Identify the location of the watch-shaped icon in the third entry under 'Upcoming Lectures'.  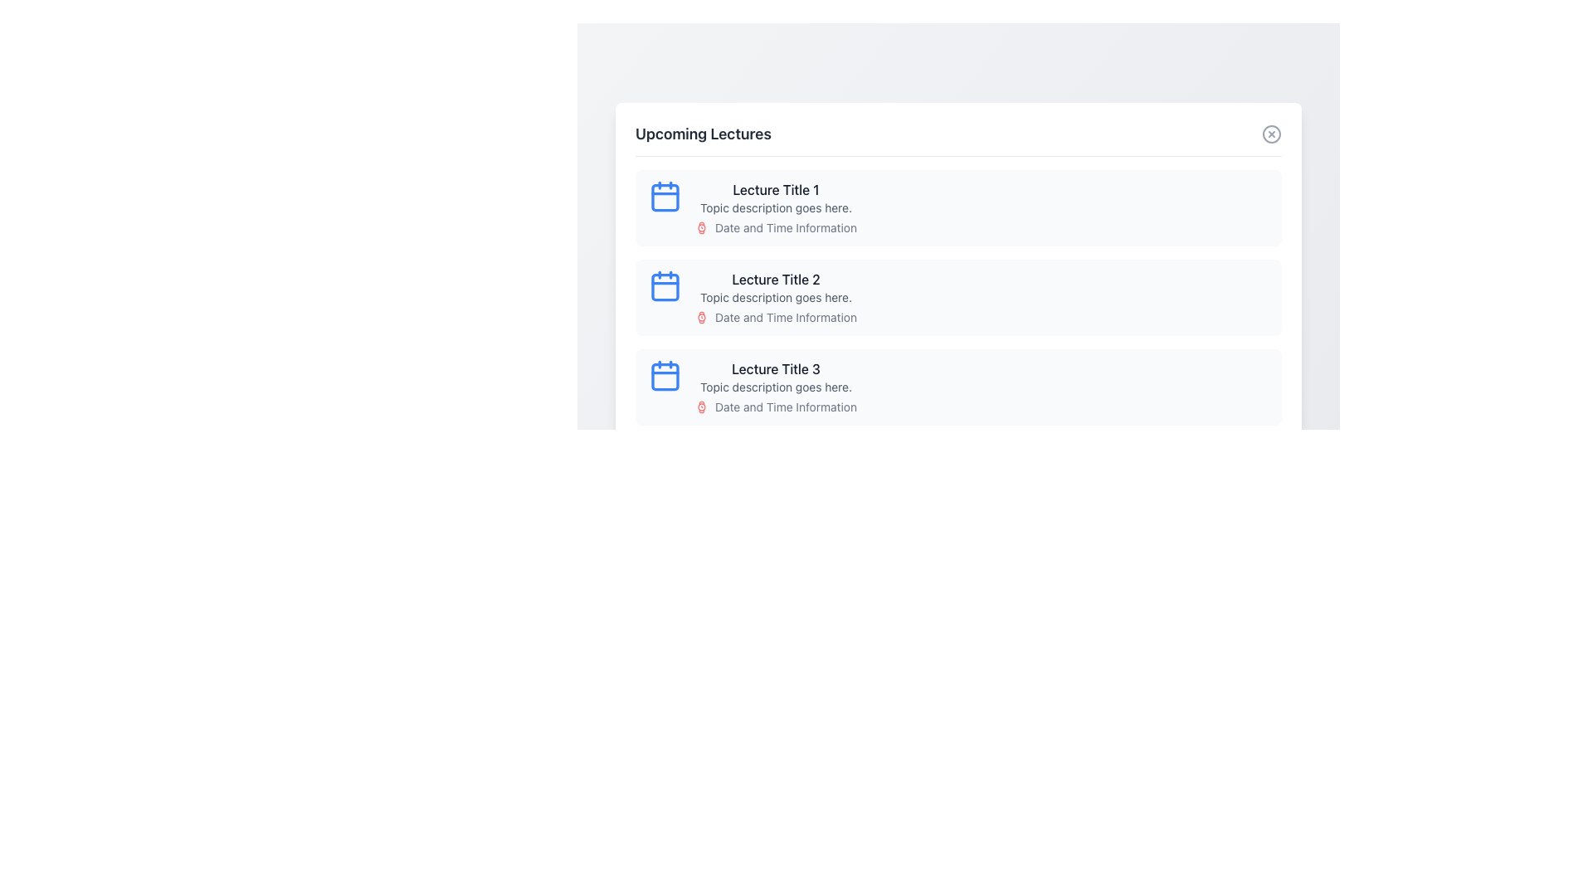
(701, 407).